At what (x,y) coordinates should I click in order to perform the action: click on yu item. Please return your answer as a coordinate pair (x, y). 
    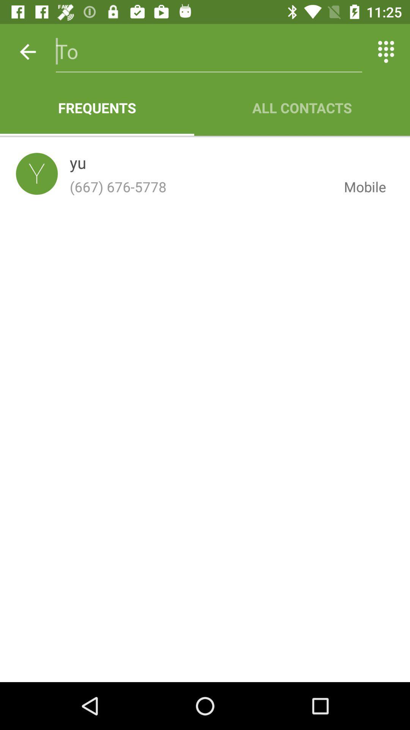
    Looking at the image, I should click on (78, 164).